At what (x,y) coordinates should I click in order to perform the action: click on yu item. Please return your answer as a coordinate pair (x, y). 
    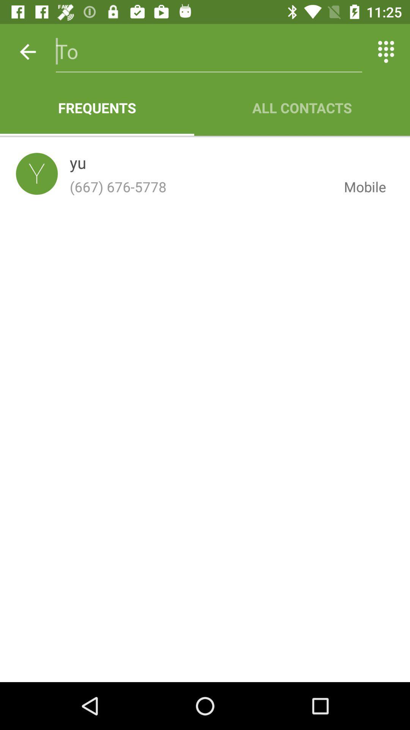
    Looking at the image, I should click on (78, 164).